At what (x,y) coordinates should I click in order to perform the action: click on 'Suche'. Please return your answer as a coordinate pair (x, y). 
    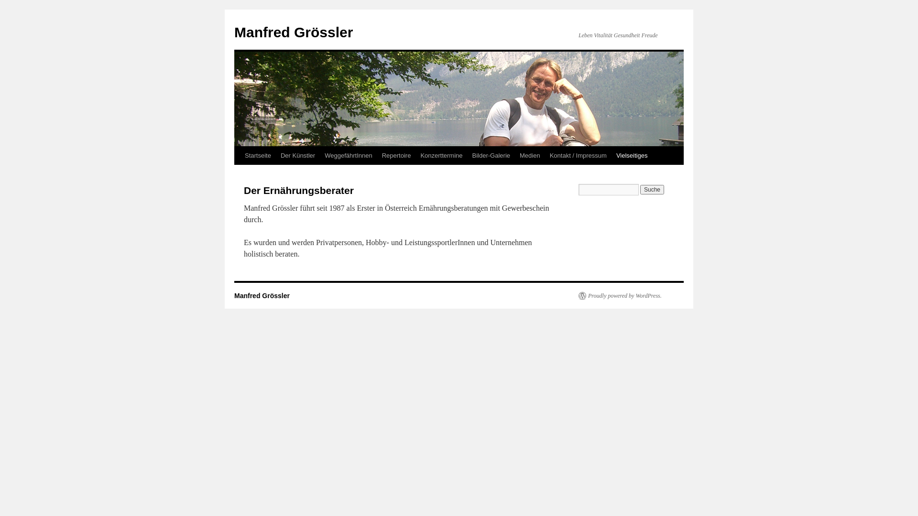
    Looking at the image, I should click on (651, 190).